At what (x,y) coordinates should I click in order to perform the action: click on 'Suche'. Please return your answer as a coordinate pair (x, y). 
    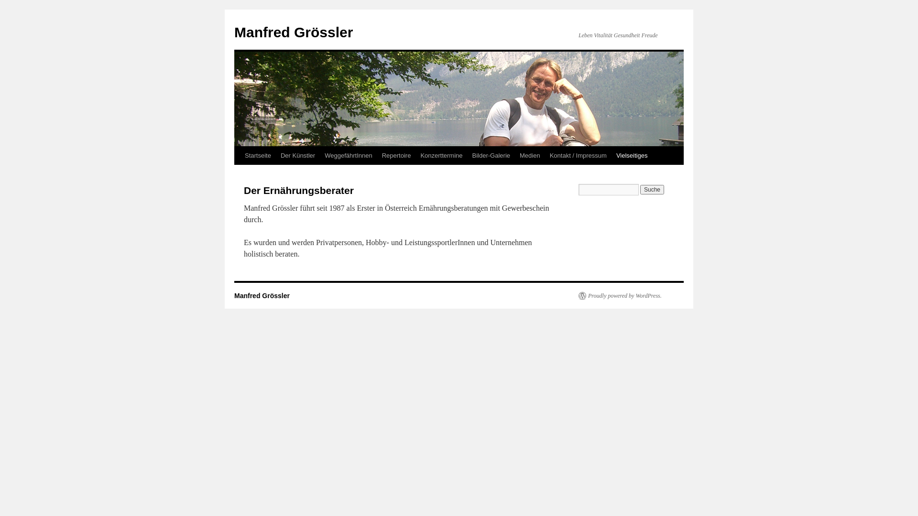
    Looking at the image, I should click on (651, 190).